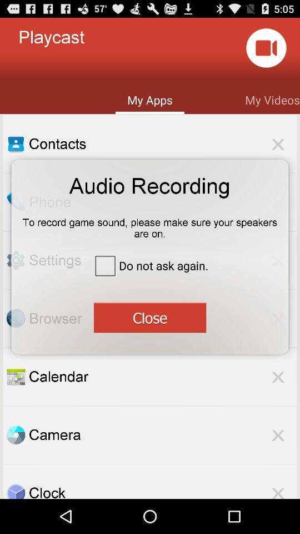 This screenshot has height=534, width=300. I want to click on to record game item, so click(150, 224).